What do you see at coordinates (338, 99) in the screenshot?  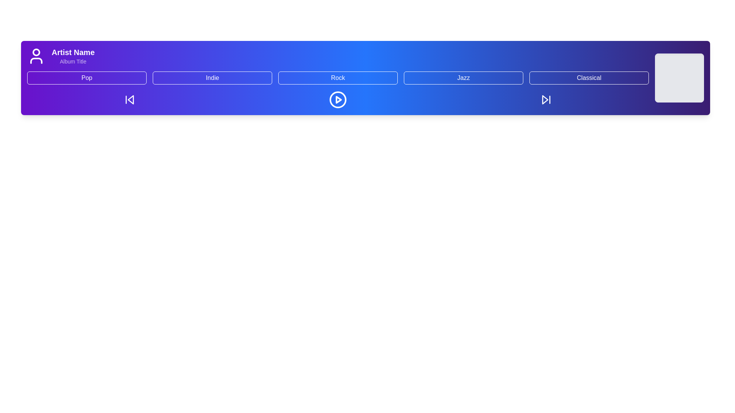 I see `the triangular play icon located centrally within the circular button at the bottom center of the navigation bar to initiate playback` at bounding box center [338, 99].